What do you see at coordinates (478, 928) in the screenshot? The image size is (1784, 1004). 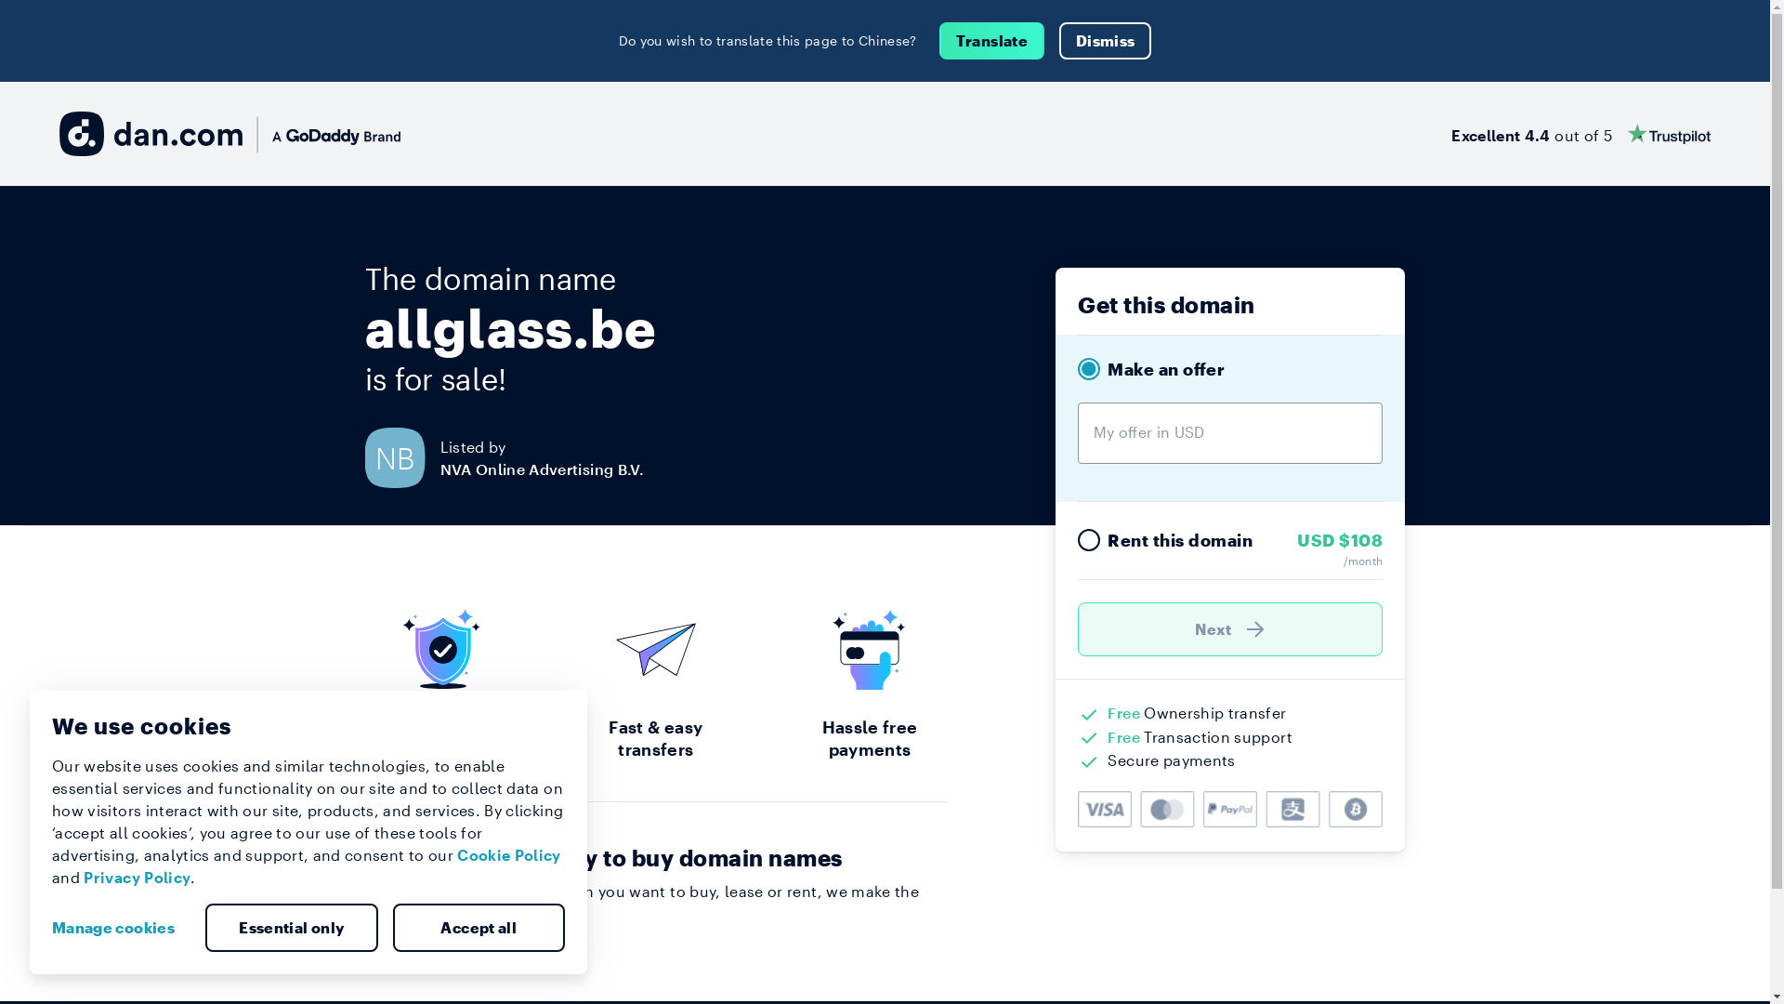 I see `'Accept all'` at bounding box center [478, 928].